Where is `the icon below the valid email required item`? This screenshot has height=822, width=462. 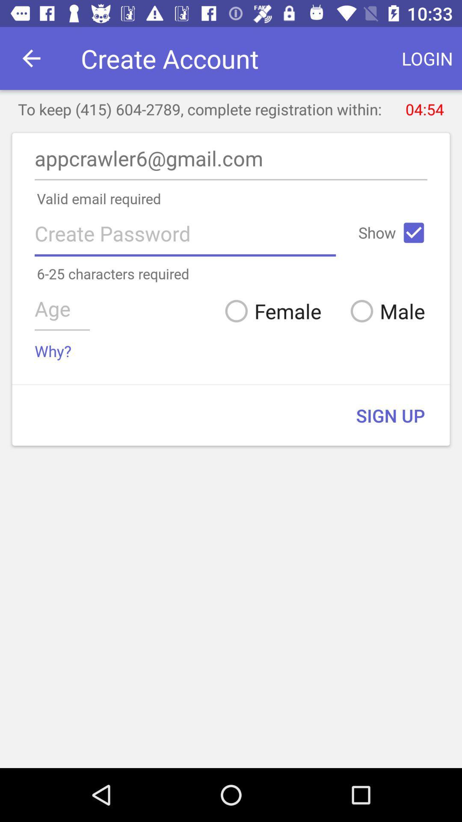 the icon below the valid email required item is located at coordinates (413, 232).